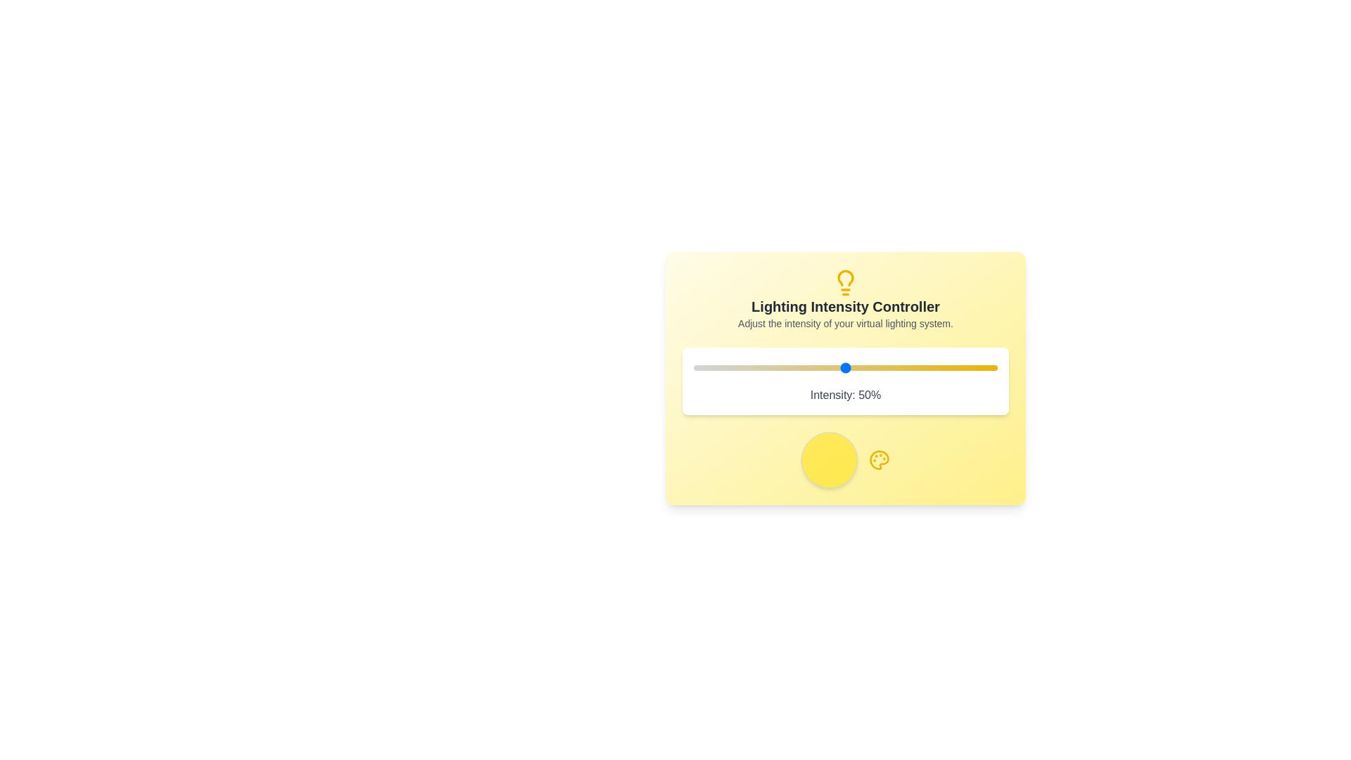 This screenshot has height=760, width=1351. What do you see at coordinates (878, 460) in the screenshot?
I see `Palette icon to explore additional actions` at bounding box center [878, 460].